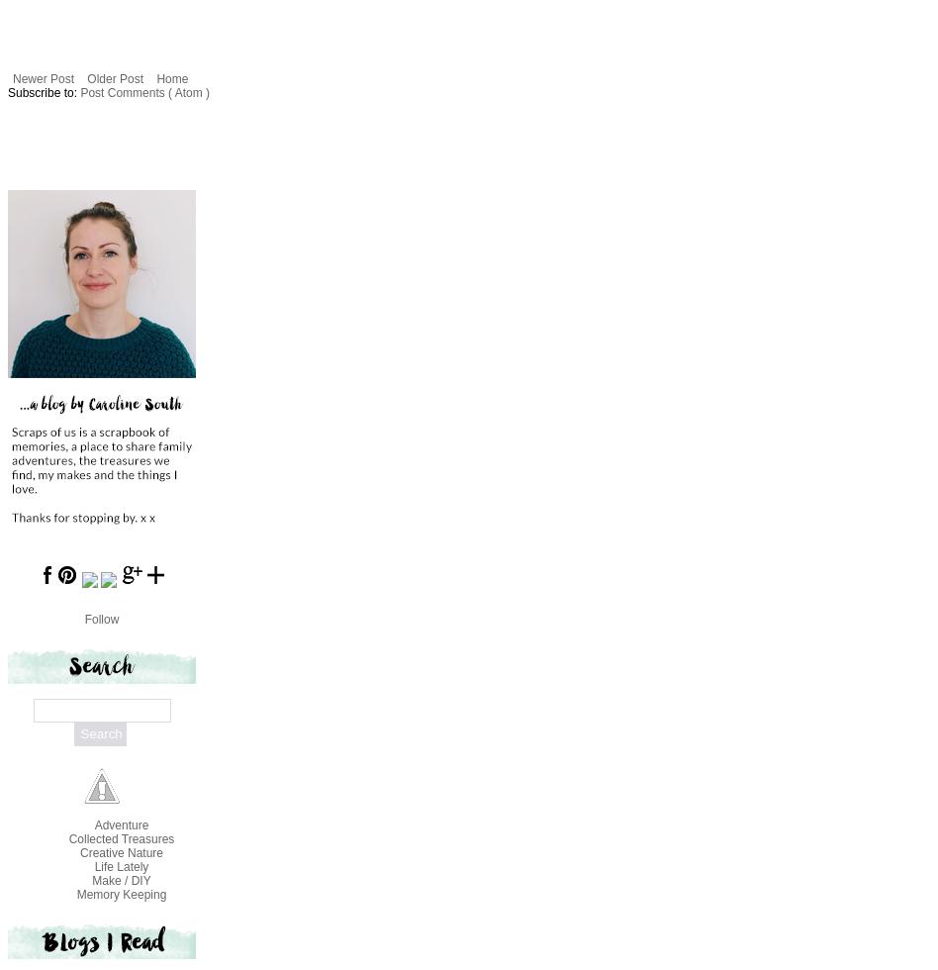 This screenshot has width=938, height=970. What do you see at coordinates (44, 92) in the screenshot?
I see `'Subscribe to:'` at bounding box center [44, 92].